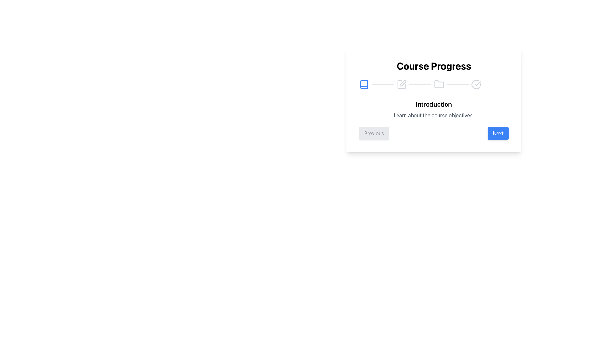  Describe the element at coordinates (439, 84) in the screenshot. I see `the third icon from the left in the progress tracker` at that location.